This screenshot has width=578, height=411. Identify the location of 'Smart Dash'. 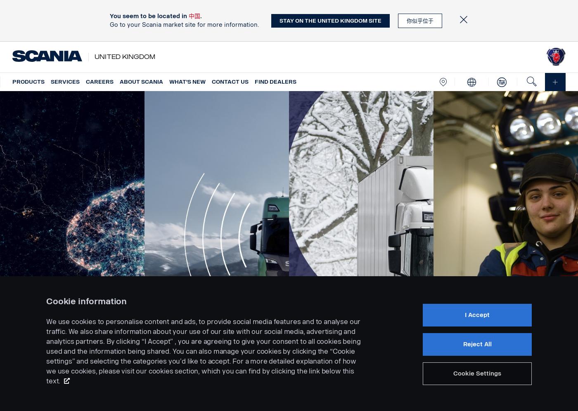
(67, 369).